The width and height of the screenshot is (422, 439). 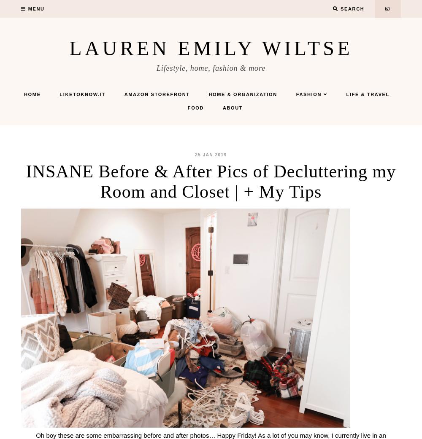 I want to click on 'LIKEtoKNOW.it', so click(x=82, y=94).